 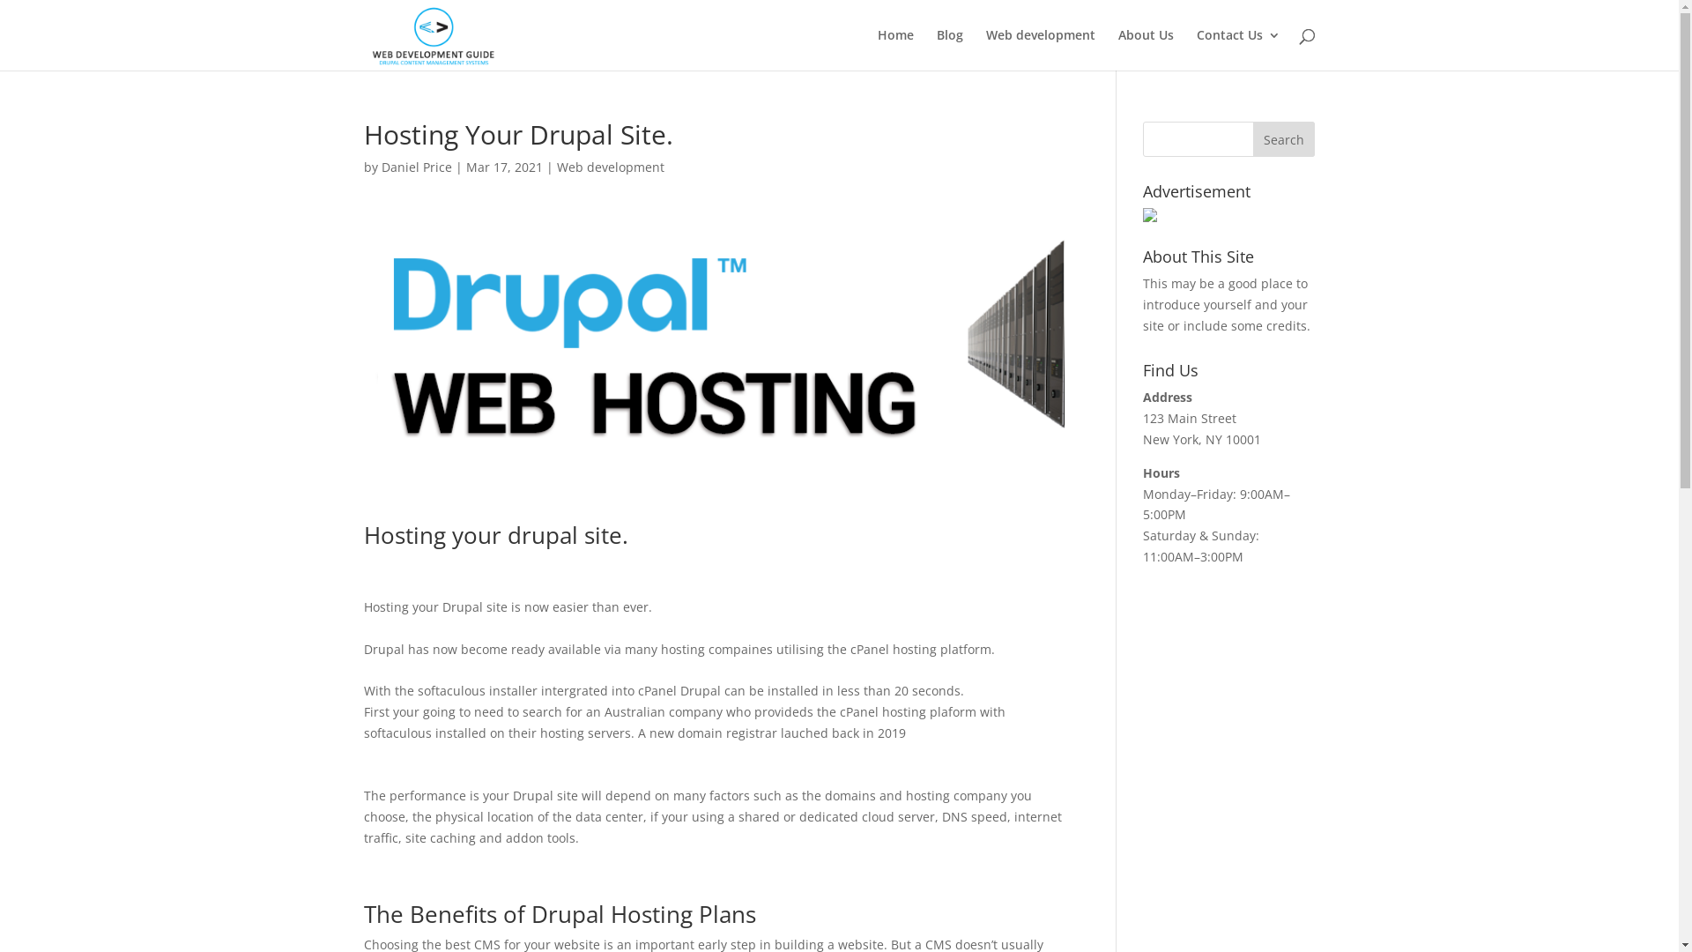 What do you see at coordinates (1284, 138) in the screenshot?
I see `'Search'` at bounding box center [1284, 138].